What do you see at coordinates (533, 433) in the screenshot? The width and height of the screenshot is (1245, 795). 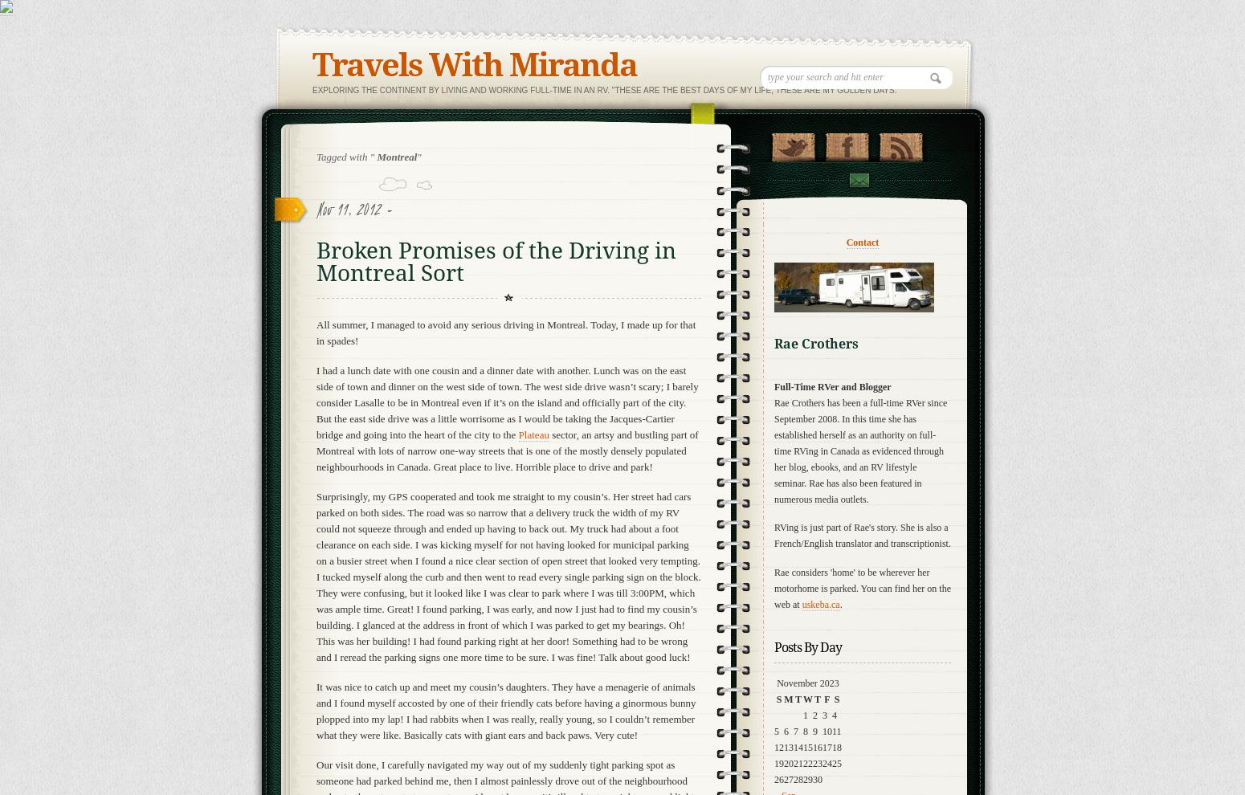 I see `'Plateau'` at bounding box center [533, 433].